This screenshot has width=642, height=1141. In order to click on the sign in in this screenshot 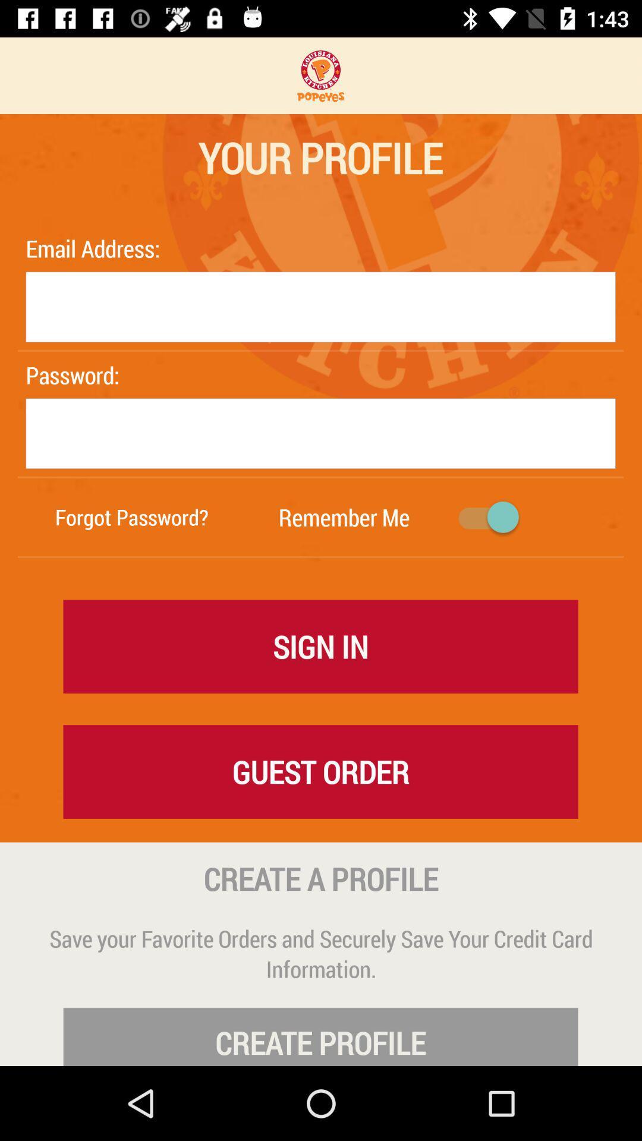, I will do `click(320, 645)`.